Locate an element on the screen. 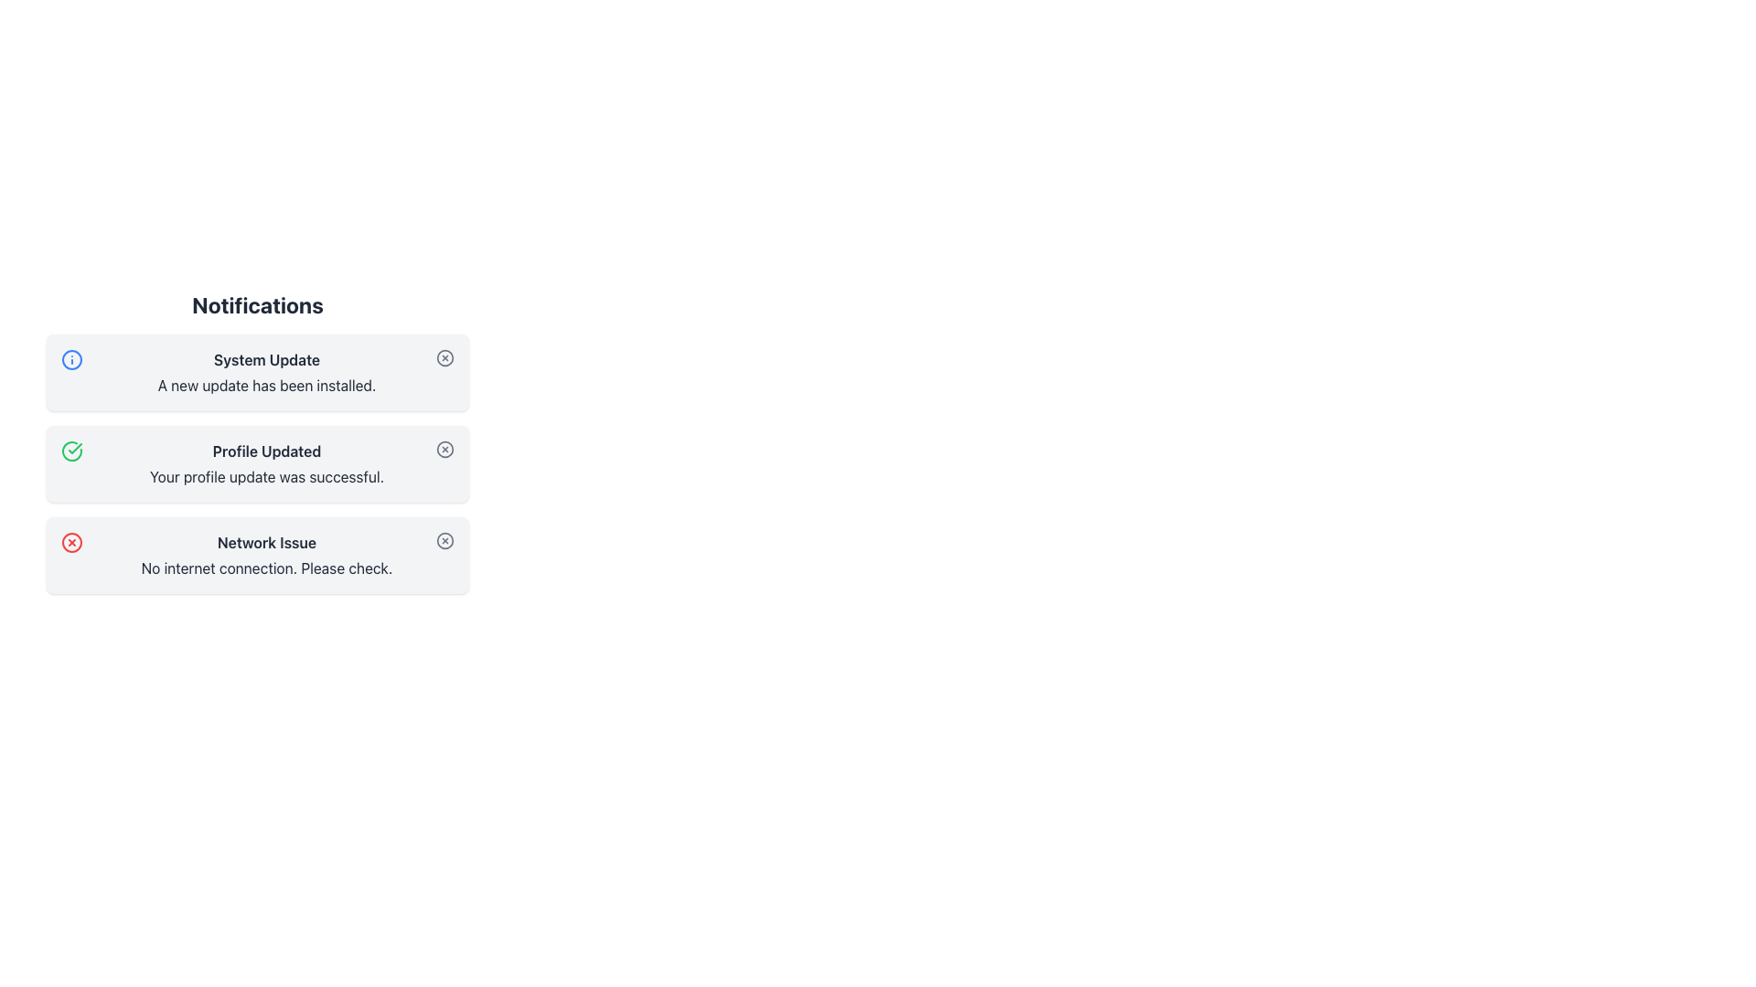 The height and width of the screenshot is (987, 1756). the notification entry with bolded text 'Profile Updated' for additional options is located at coordinates (257, 441).